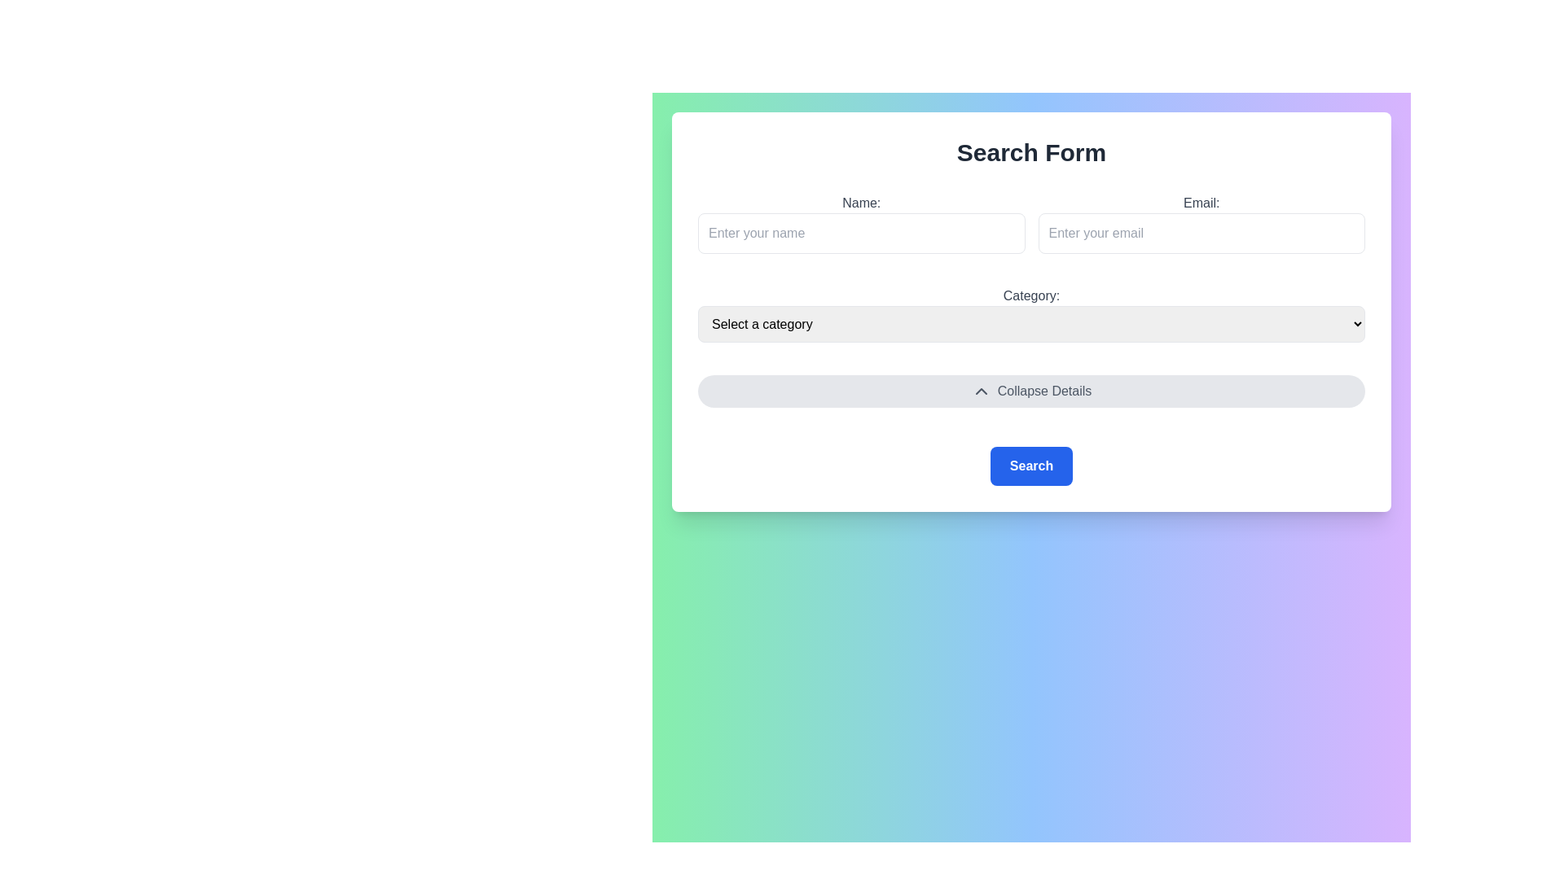 The image size is (1564, 879). Describe the element at coordinates (1030, 466) in the screenshot. I see `the 'Search' button, which has a vibrant blue background, white bold text, and rounded corners, located centrally at the bottom of the form layout` at that location.